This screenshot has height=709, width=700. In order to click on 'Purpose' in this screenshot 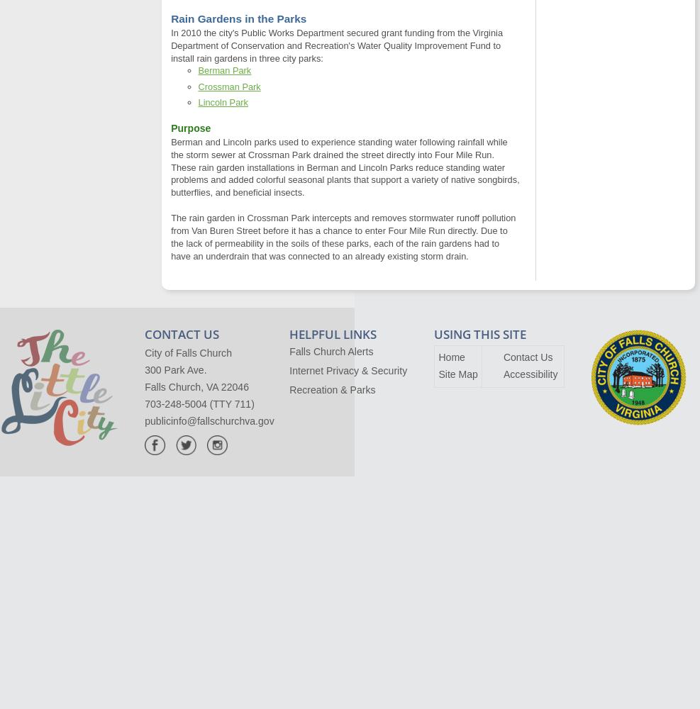, I will do `click(190, 128)`.